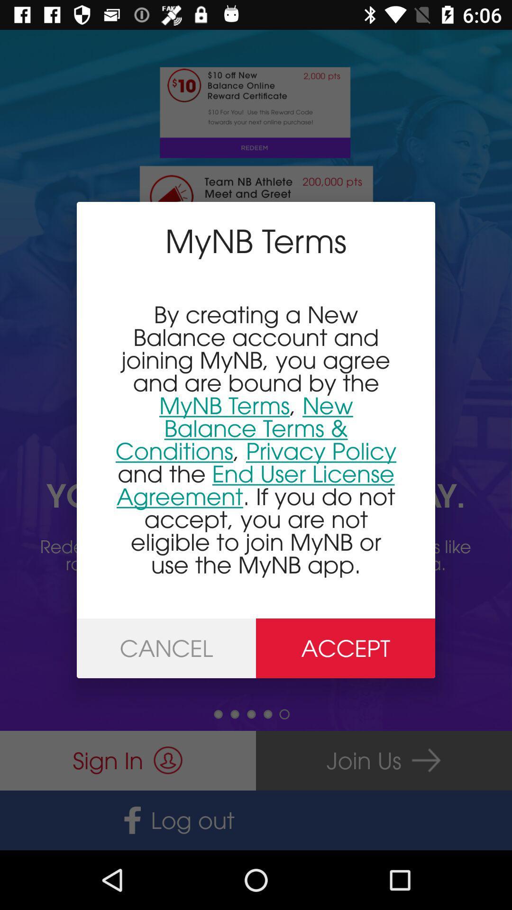 The image size is (512, 910). Describe the element at coordinates (166, 648) in the screenshot. I see `the icon below by creating a` at that location.